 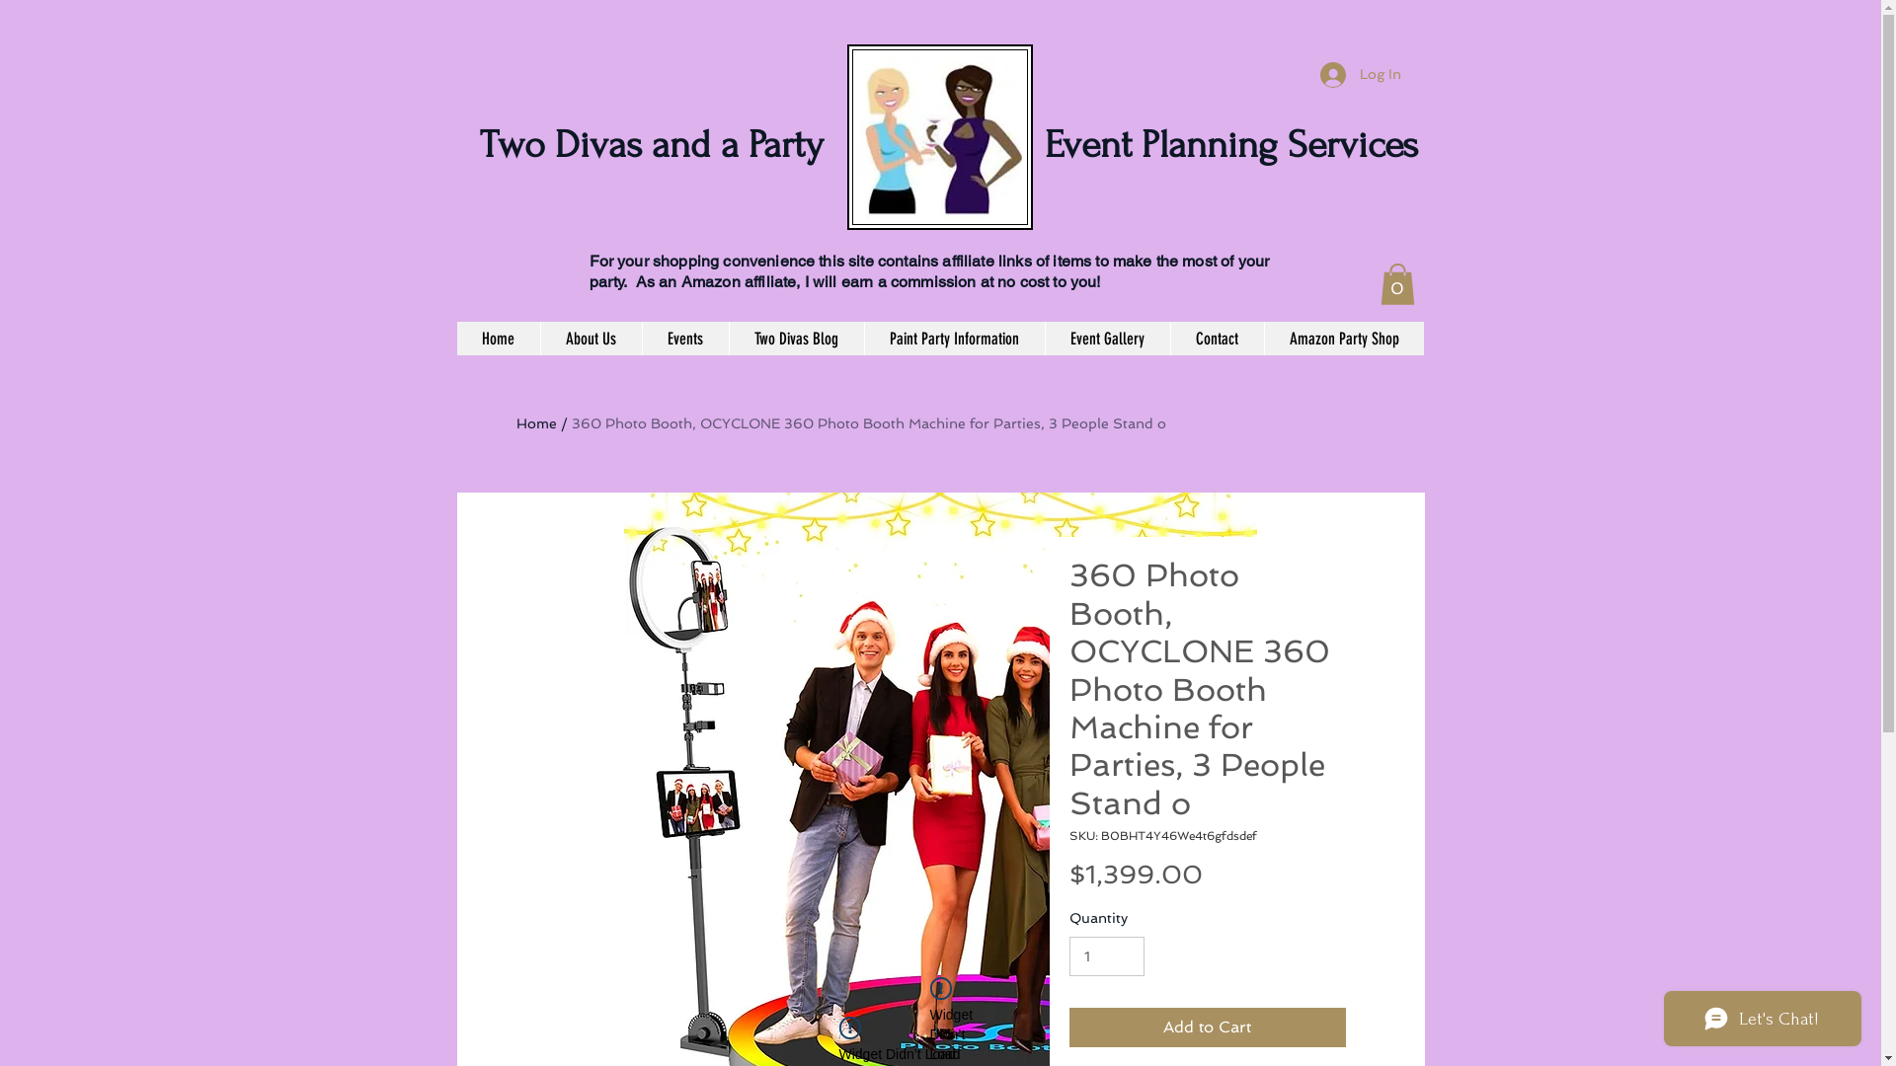 I want to click on 'Add to Cart', so click(x=1206, y=1027).